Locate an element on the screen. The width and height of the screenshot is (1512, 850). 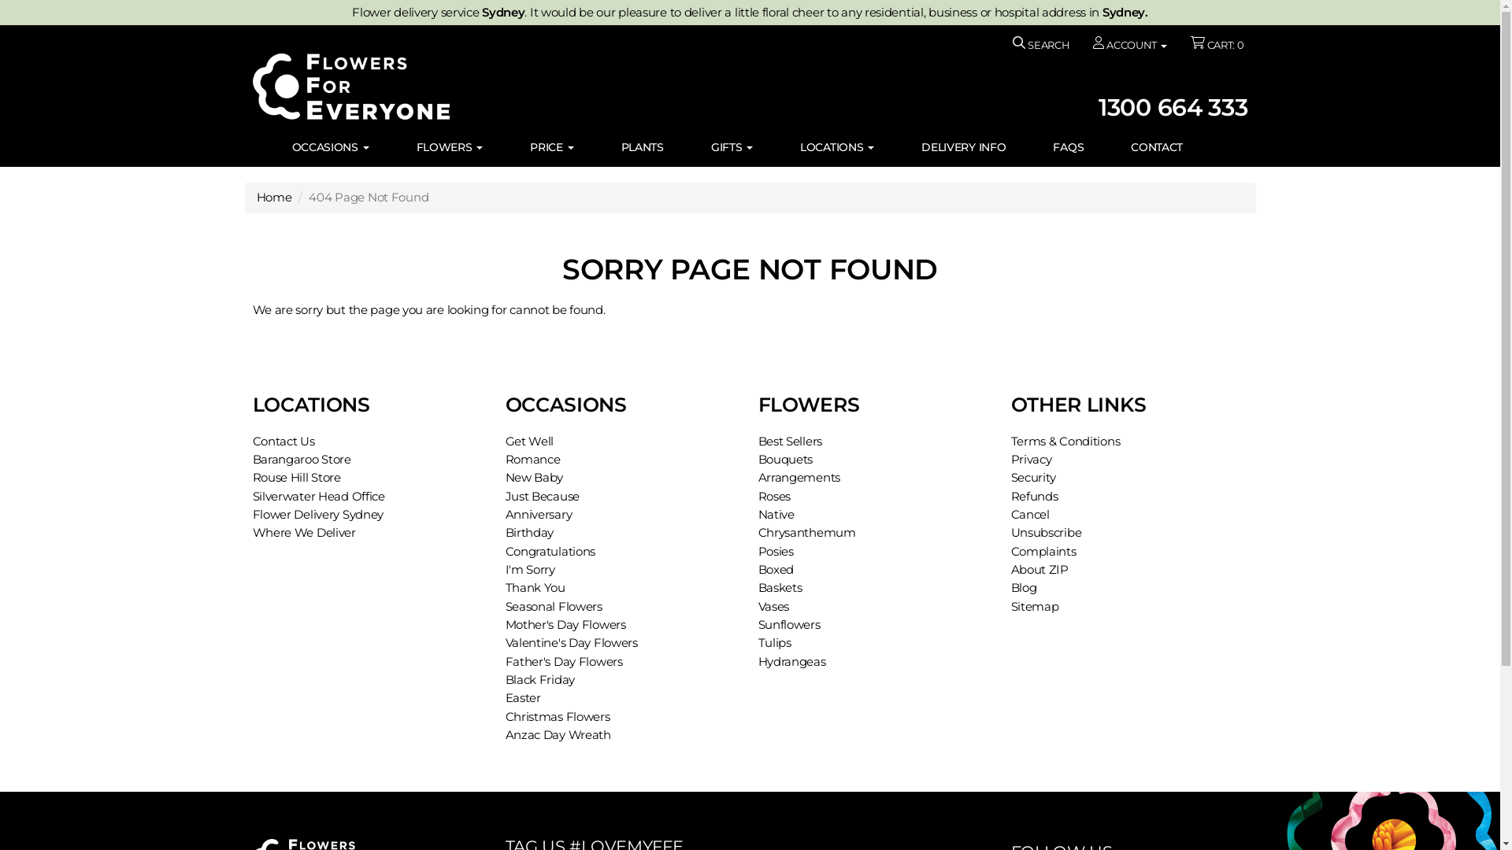
'Security' is located at coordinates (1034, 476).